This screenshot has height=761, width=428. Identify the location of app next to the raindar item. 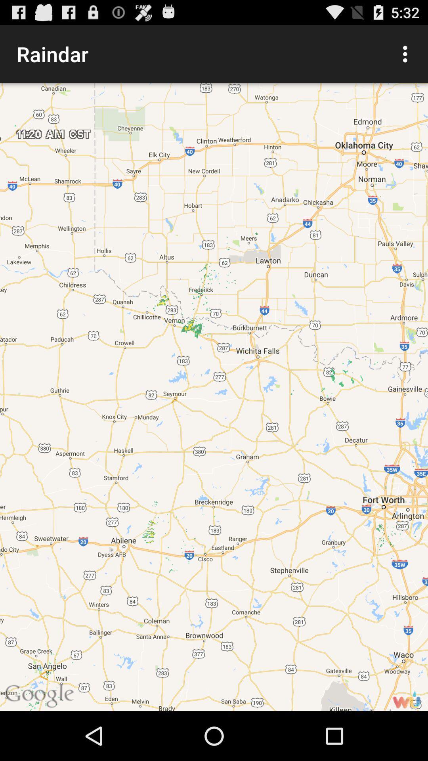
(407, 54).